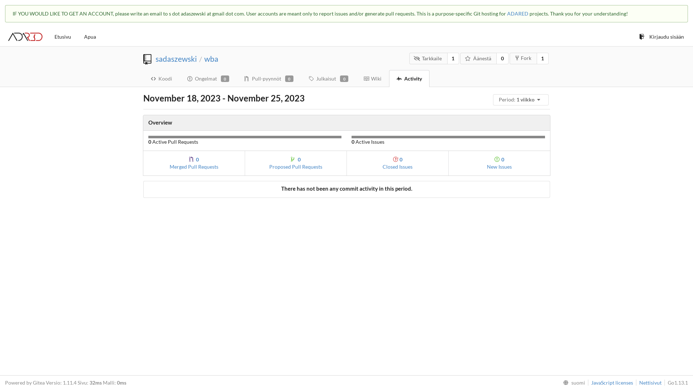  I want to click on 'wba', so click(211, 58).